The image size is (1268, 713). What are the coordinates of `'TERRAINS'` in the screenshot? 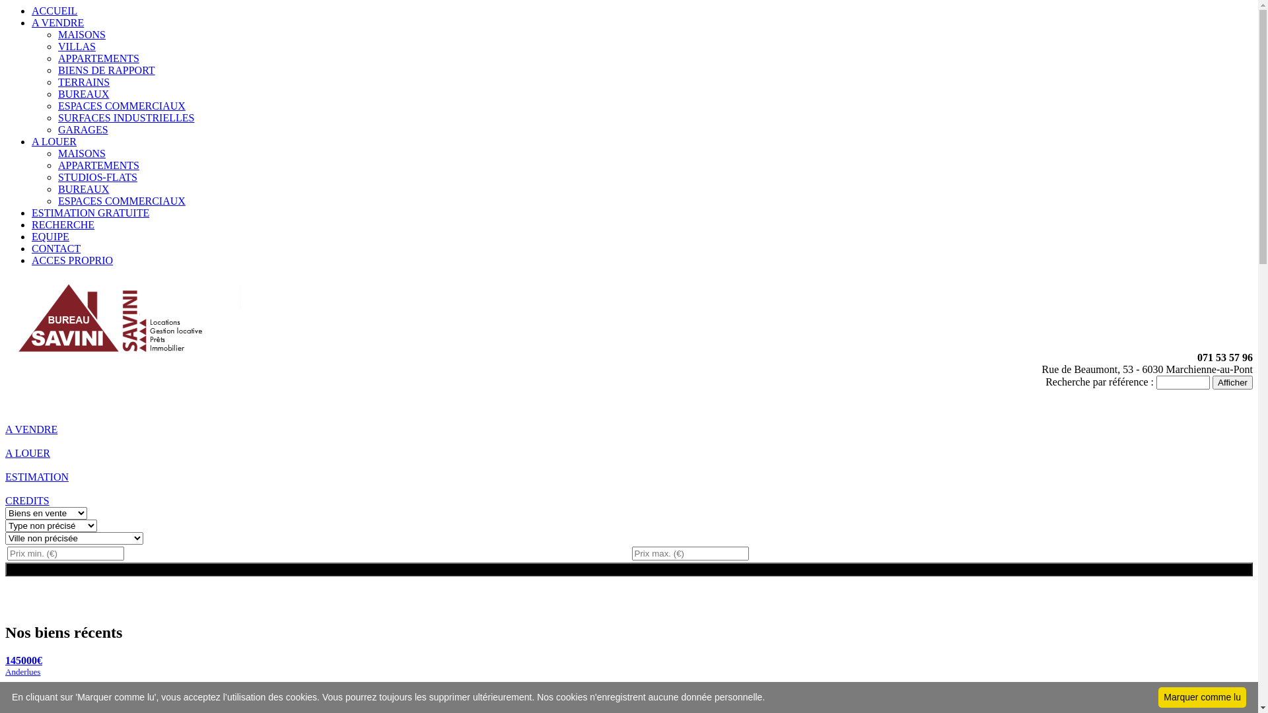 It's located at (83, 82).